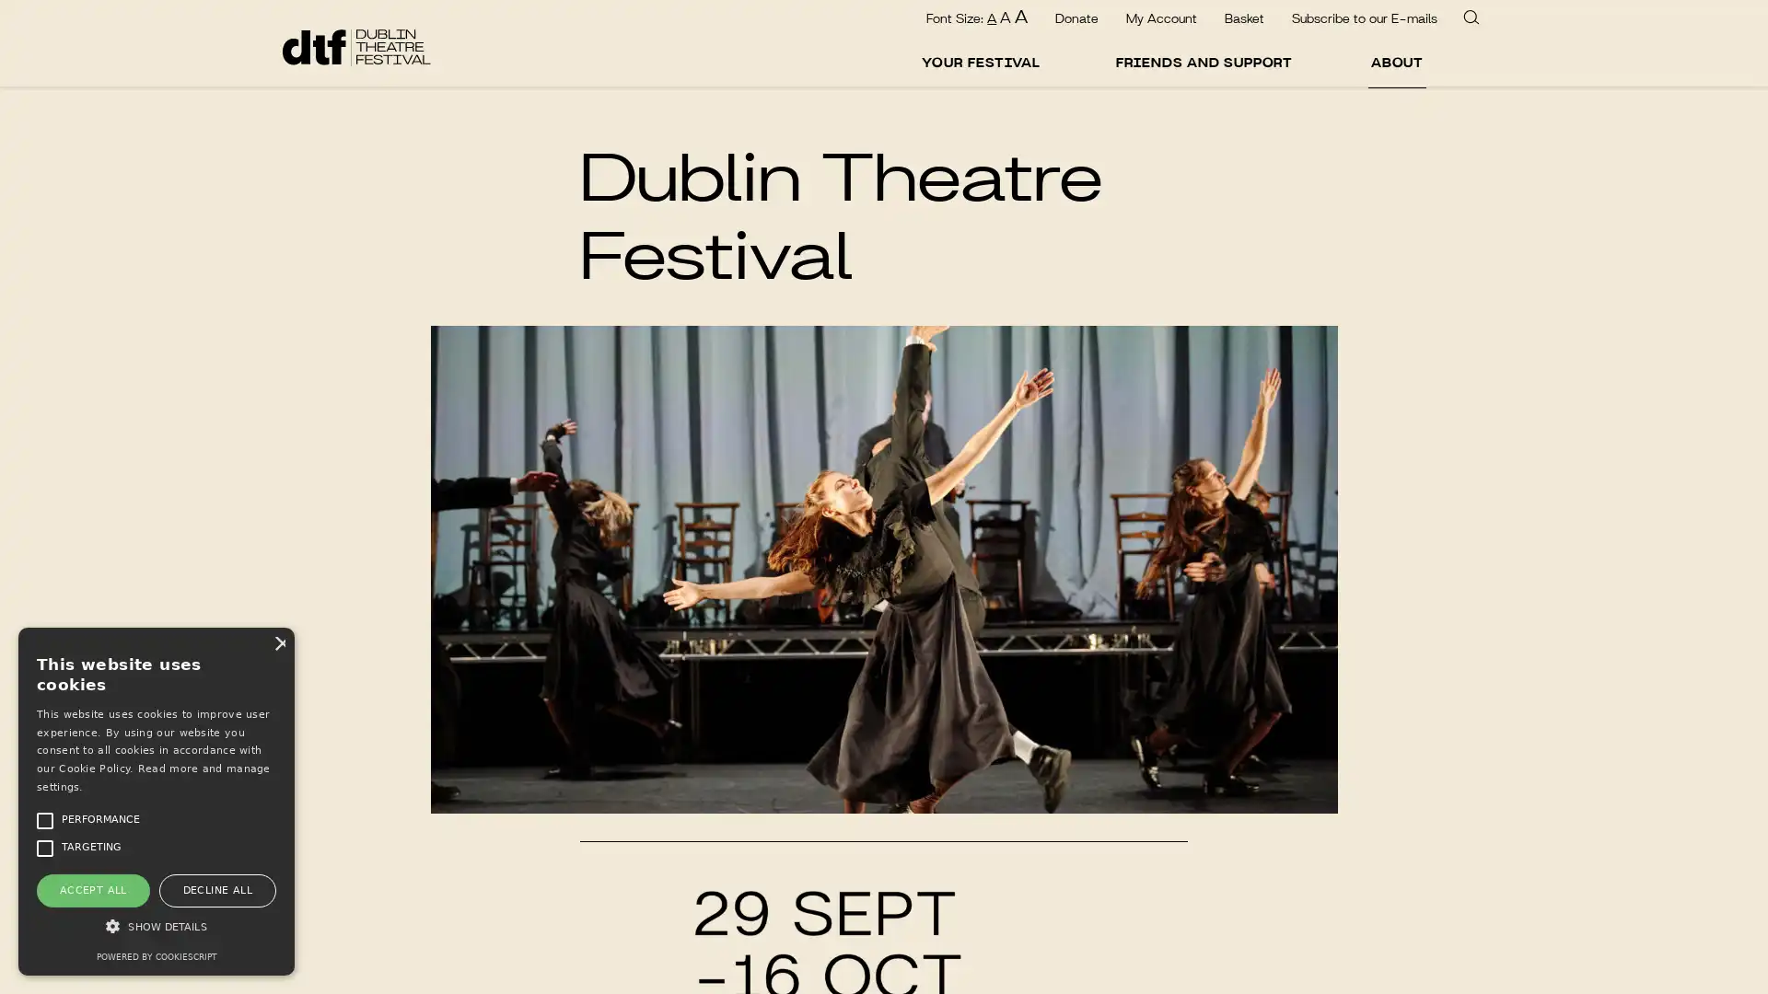 This screenshot has height=994, width=1768. I want to click on DECLINE ALL, so click(216, 889).